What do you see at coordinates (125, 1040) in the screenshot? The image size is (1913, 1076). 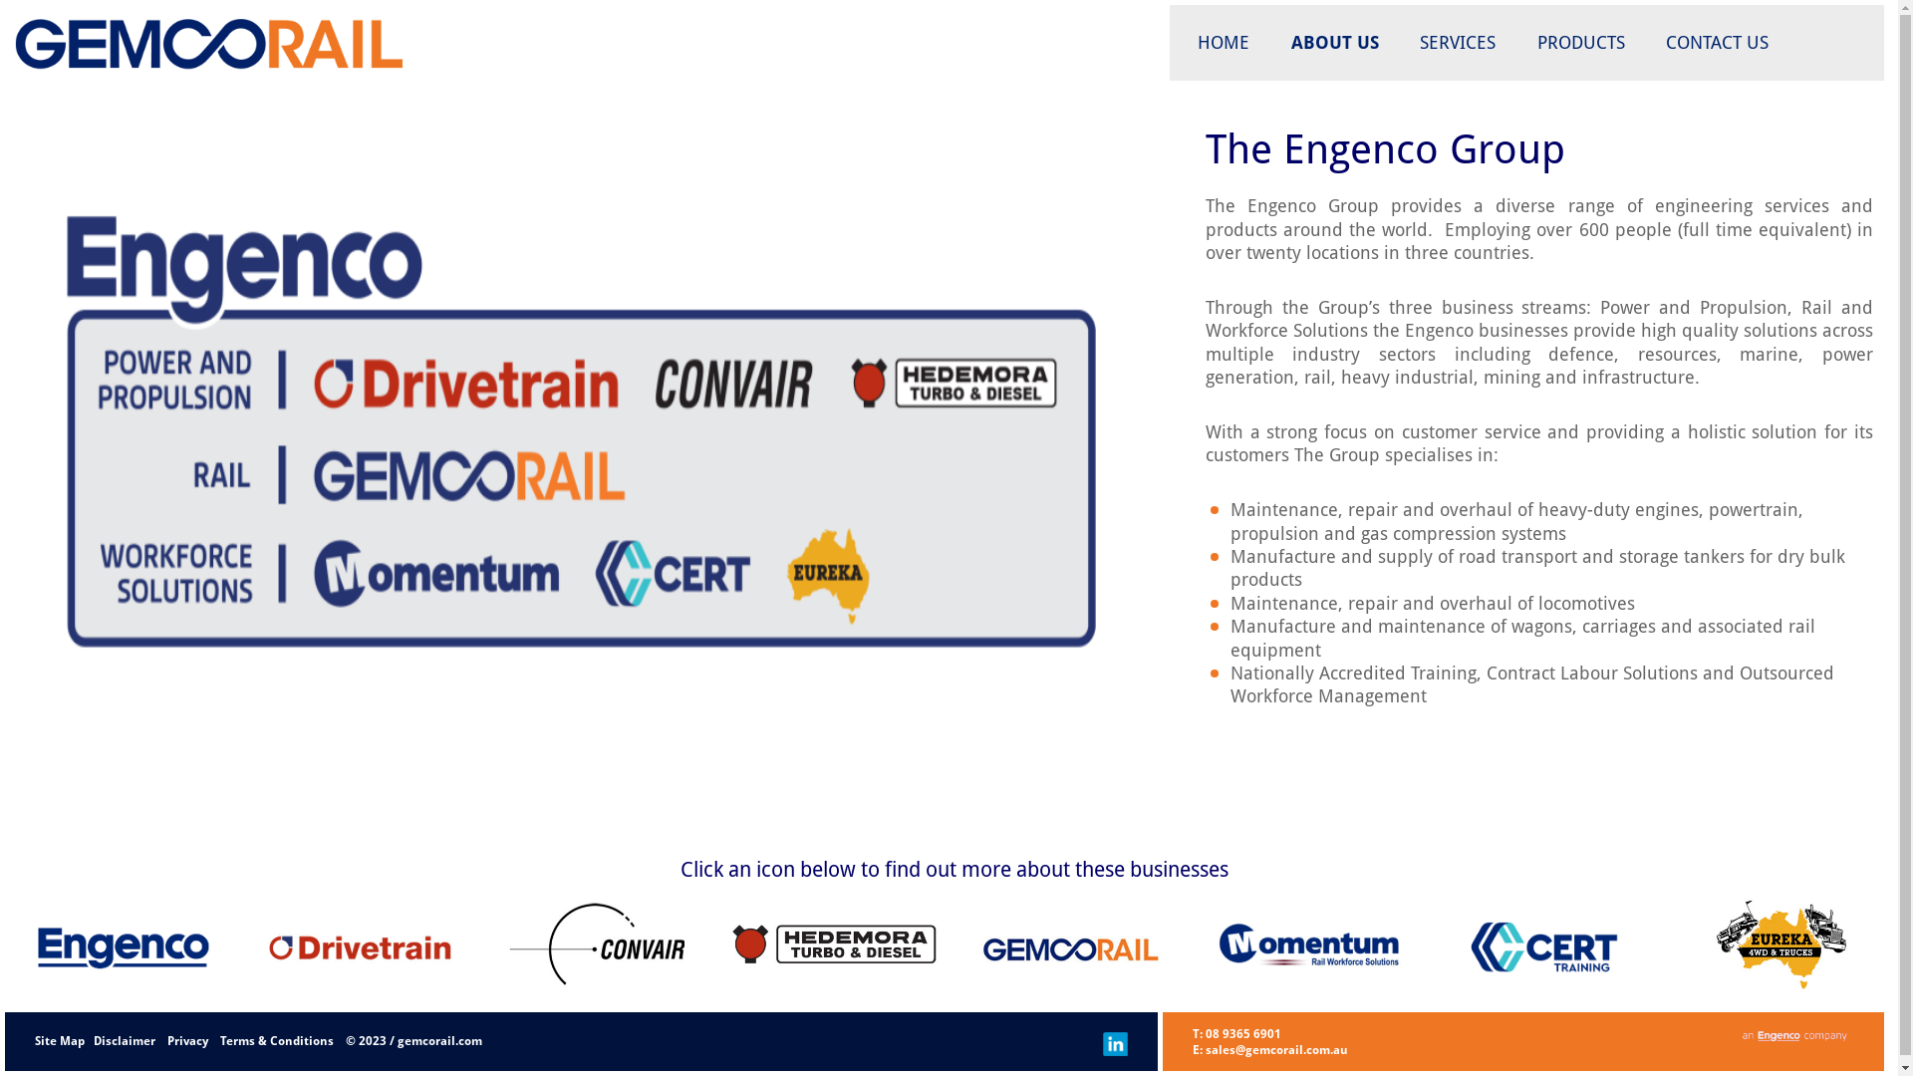 I see `'Disclaimer'` at bounding box center [125, 1040].